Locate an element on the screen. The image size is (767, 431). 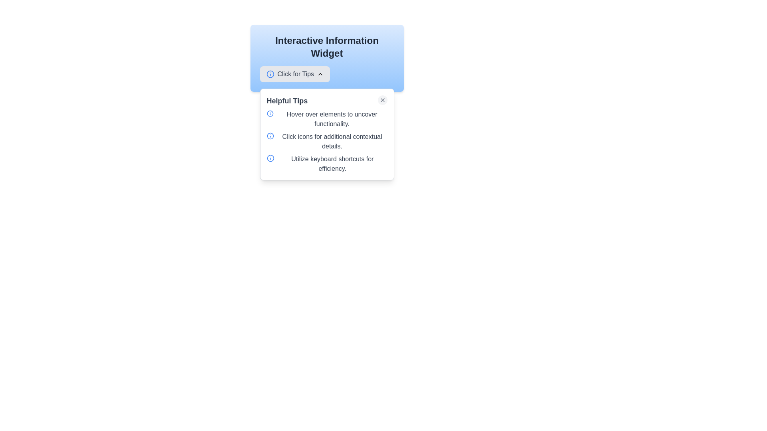
the information cue icon located to the left of the 'Click for Tips' button is located at coordinates (270, 74).